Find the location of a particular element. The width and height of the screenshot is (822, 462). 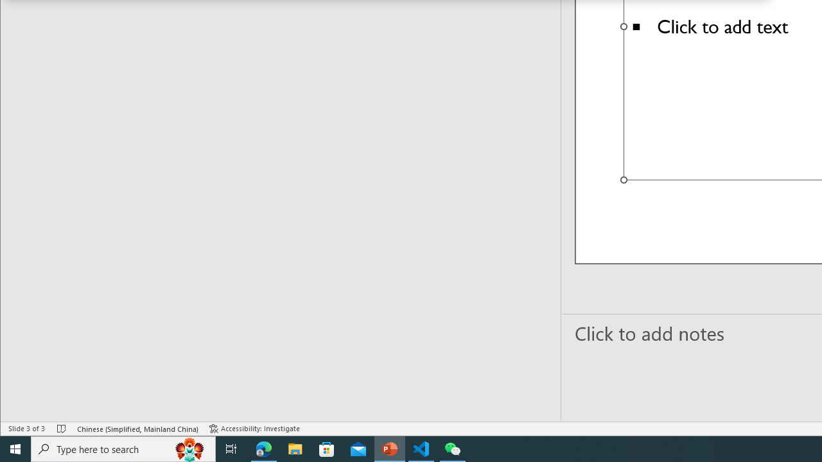

'Task View' is located at coordinates (231, 448).